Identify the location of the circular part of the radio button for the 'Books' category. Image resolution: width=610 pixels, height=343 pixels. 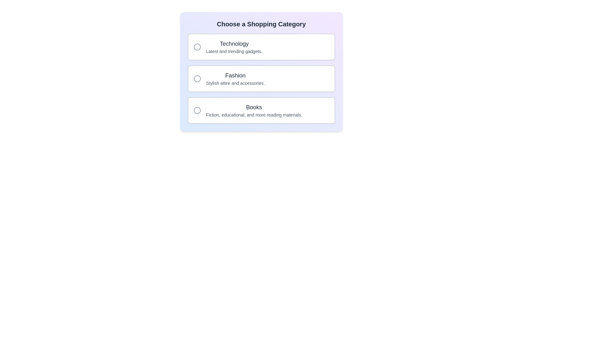
(197, 110).